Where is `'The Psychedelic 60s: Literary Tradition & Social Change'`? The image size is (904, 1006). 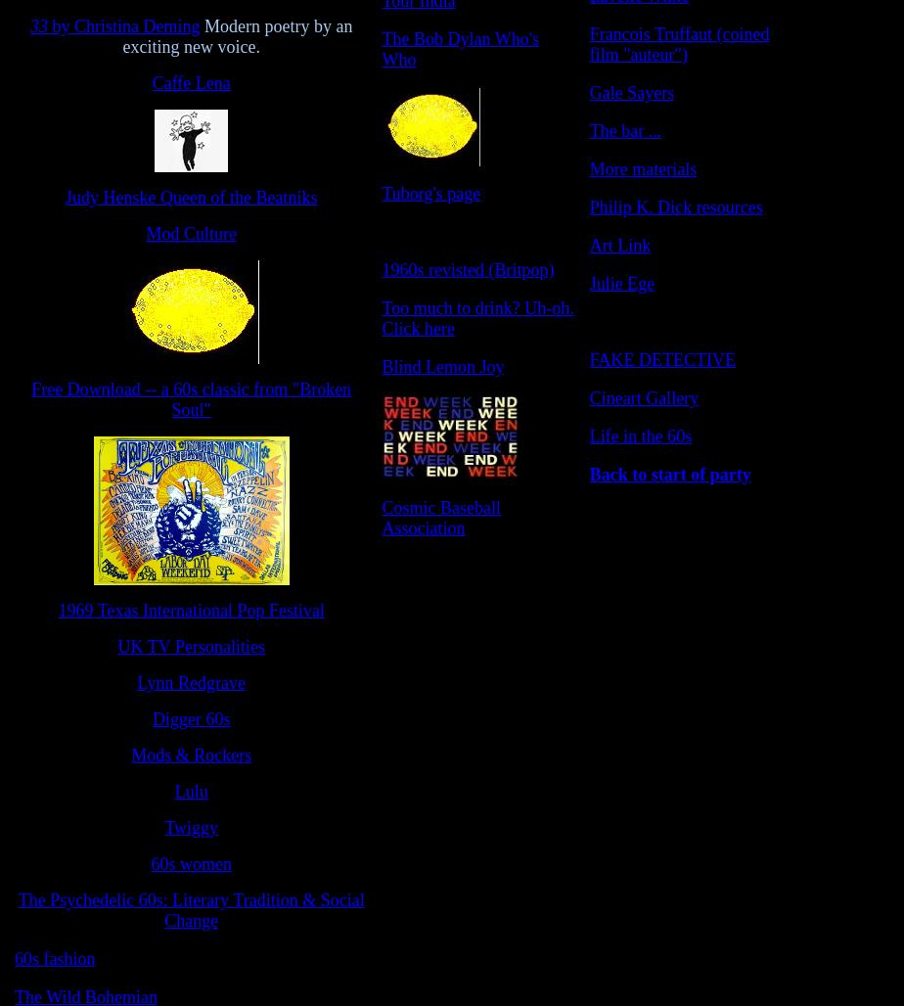 'The Psychedelic 60s: Literary Tradition & Social Change' is located at coordinates (18, 910).